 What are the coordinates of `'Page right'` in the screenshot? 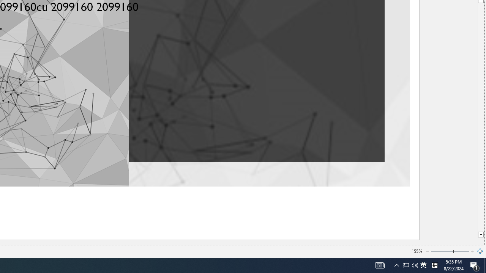 It's located at (461, 251).